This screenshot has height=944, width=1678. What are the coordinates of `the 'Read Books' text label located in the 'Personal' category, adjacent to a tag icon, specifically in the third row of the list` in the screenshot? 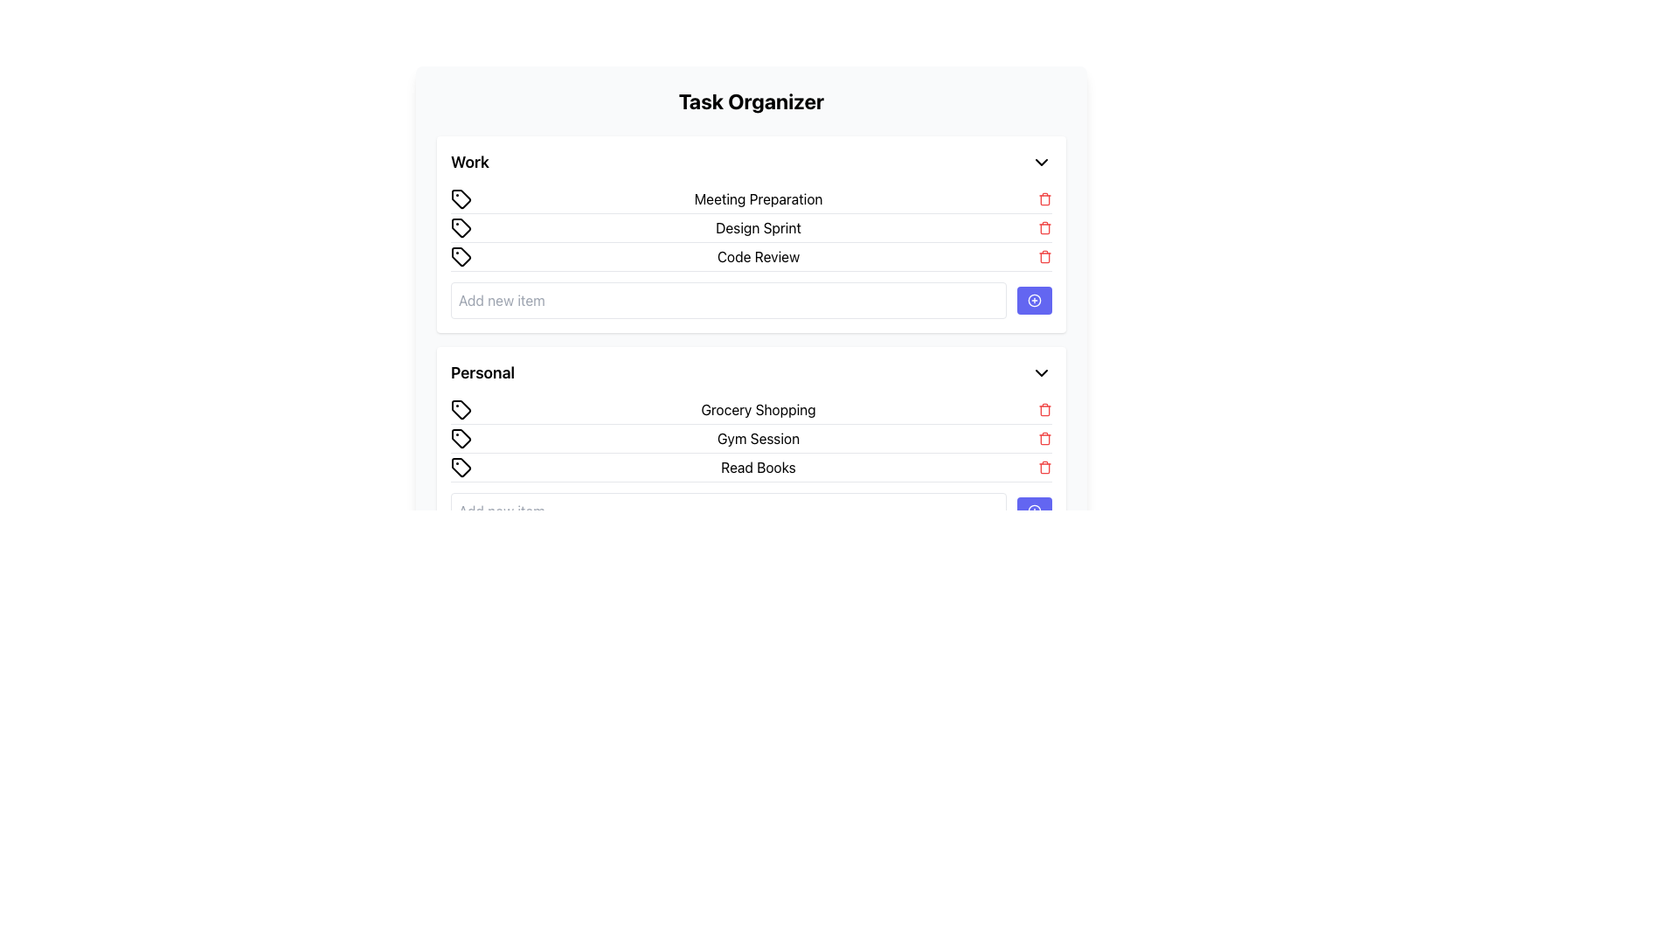 It's located at (759, 467).